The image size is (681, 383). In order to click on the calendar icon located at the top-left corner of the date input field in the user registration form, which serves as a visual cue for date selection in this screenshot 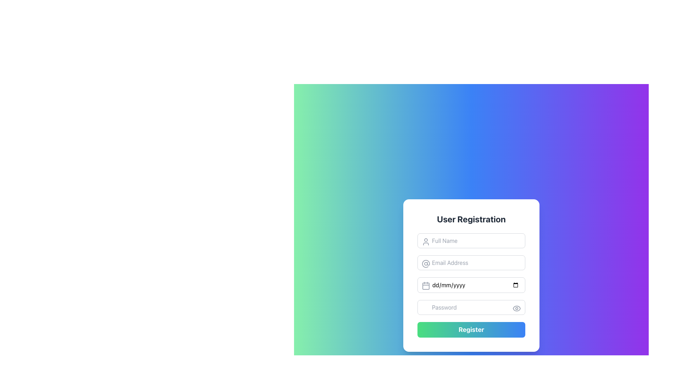, I will do `click(426, 285)`.